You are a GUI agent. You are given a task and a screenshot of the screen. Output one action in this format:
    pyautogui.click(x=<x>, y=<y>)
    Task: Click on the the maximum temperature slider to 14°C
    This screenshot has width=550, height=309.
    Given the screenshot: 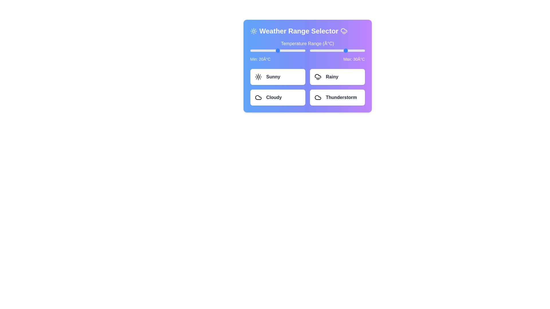 What is the action you would take?
    pyautogui.click(x=332, y=50)
    